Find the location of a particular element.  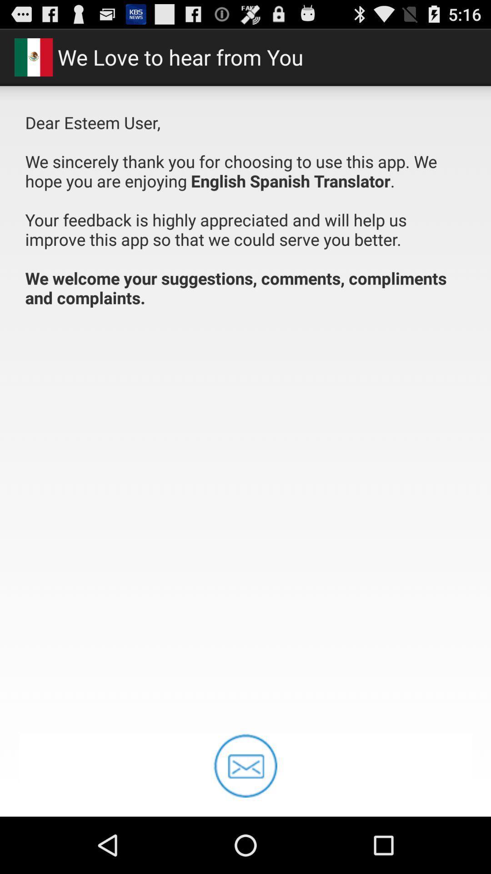

post the comments option is located at coordinates (245, 765).